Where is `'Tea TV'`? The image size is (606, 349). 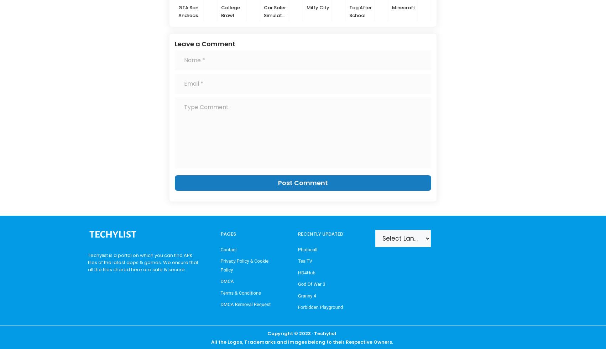
'Tea TV' is located at coordinates (297, 261).